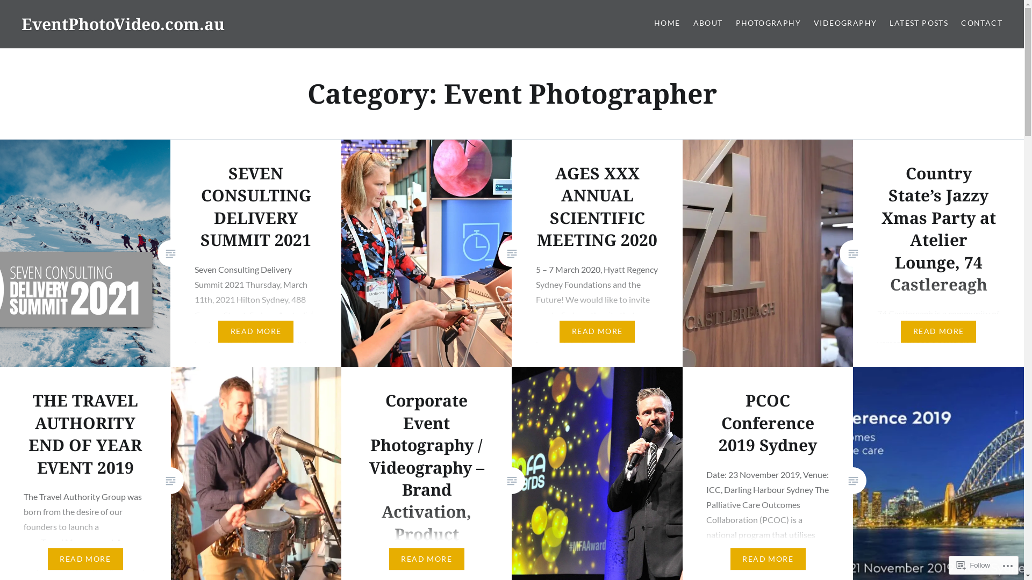  Describe the element at coordinates (768, 23) in the screenshot. I see `'PHOTOGRAPHY'` at that location.